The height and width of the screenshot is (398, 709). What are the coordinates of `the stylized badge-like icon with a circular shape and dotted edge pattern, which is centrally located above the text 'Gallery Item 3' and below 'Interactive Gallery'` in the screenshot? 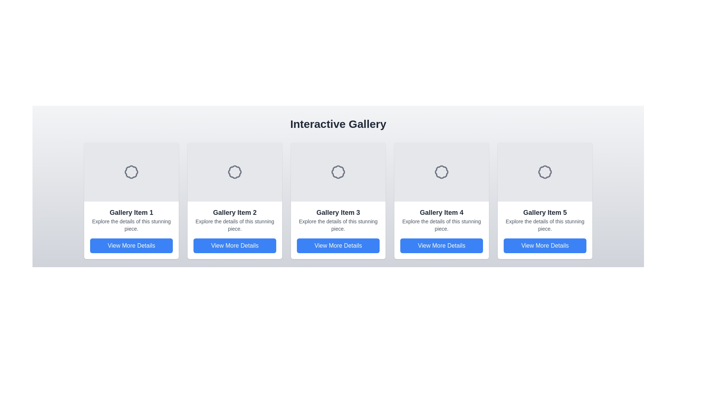 It's located at (338, 172).